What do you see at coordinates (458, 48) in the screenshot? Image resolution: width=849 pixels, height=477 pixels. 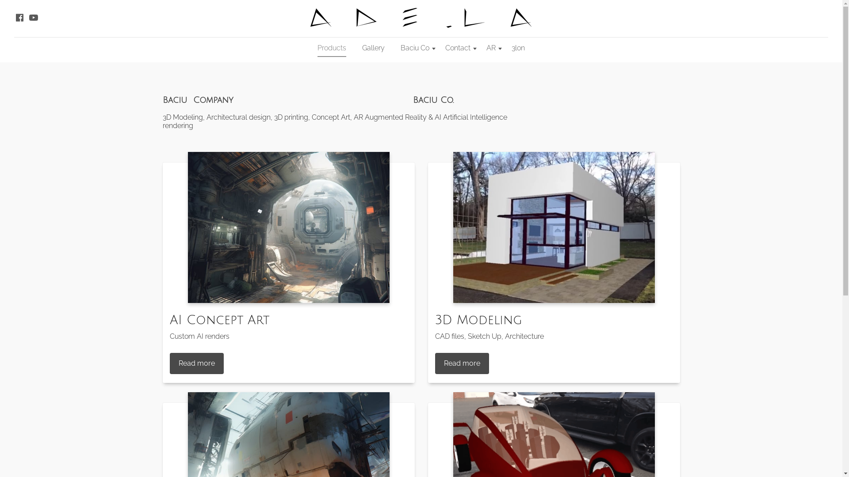 I see `'Contact'` at bounding box center [458, 48].